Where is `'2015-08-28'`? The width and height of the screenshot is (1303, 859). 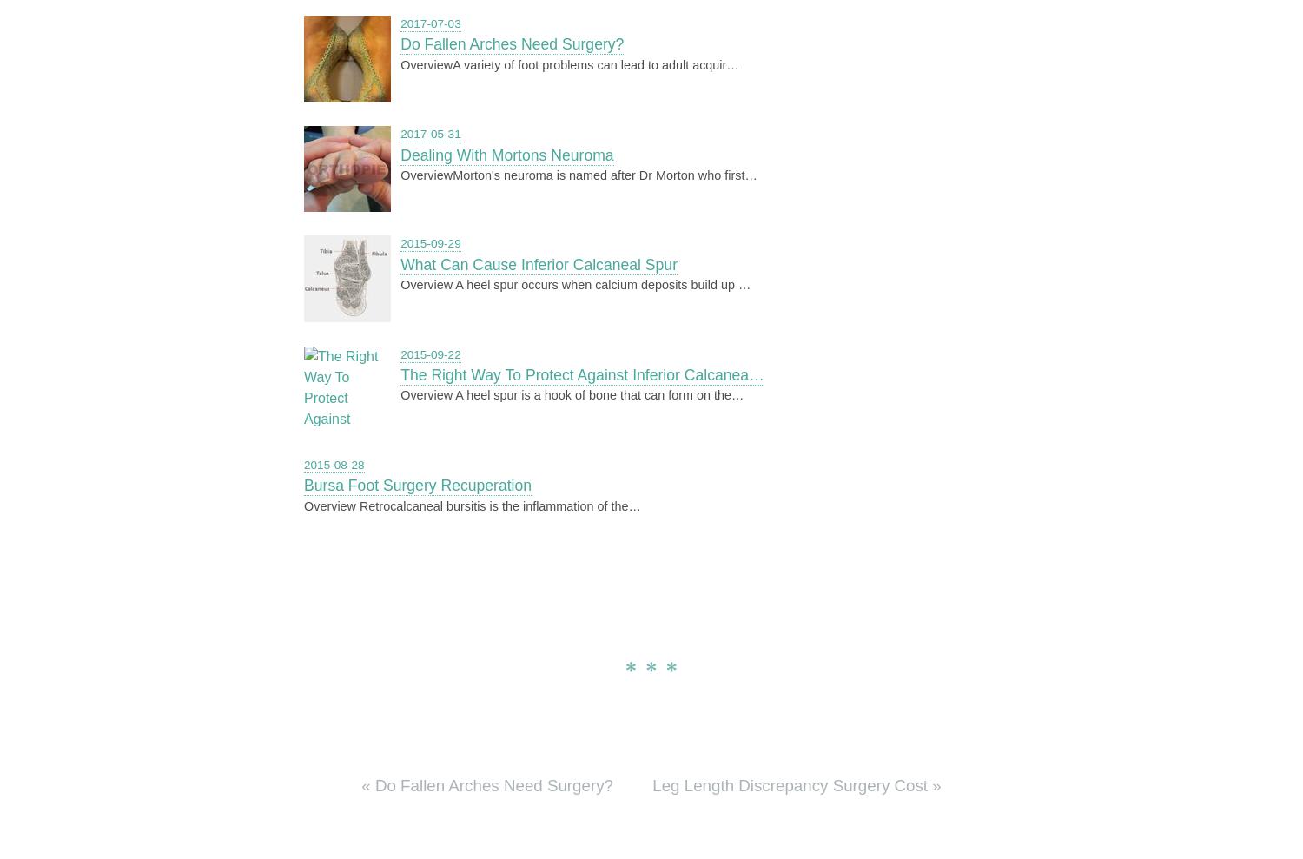 '2015-08-28' is located at coordinates (334, 464).